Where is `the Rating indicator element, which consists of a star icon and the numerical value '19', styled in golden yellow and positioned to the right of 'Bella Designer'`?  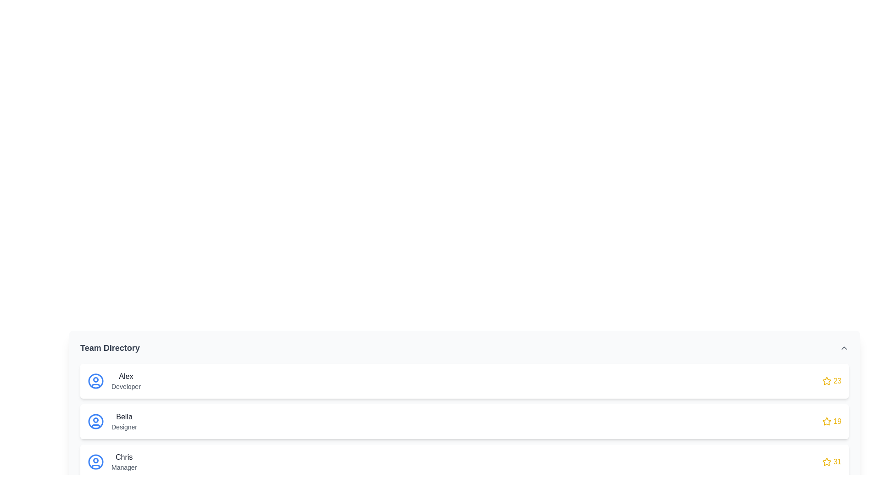
the Rating indicator element, which consists of a star icon and the numerical value '19', styled in golden yellow and positioned to the right of 'Bella Designer' is located at coordinates (832, 422).